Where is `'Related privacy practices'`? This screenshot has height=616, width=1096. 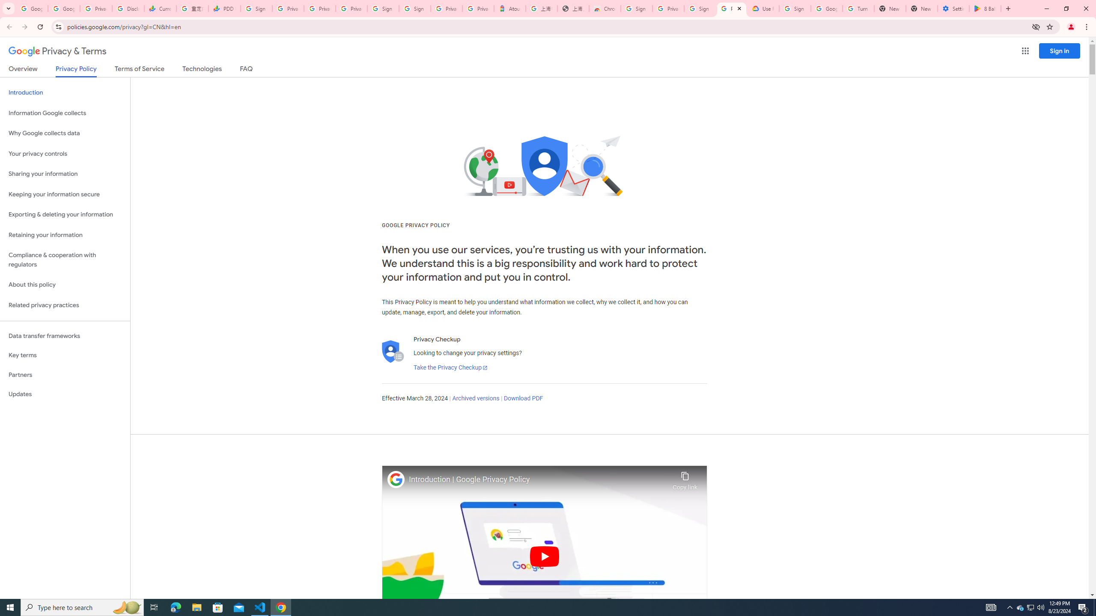
'Related privacy practices' is located at coordinates (65, 305).